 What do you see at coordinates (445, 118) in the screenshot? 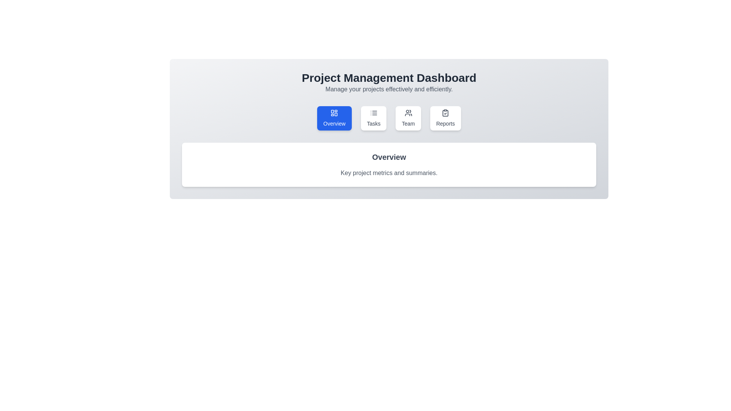
I see `the tab labeled Reports to view its content` at bounding box center [445, 118].